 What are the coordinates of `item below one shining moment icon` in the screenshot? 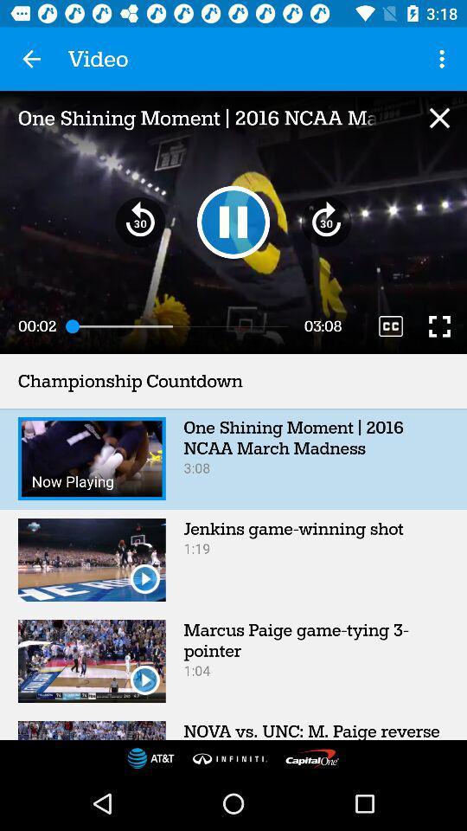 It's located at (139, 221).